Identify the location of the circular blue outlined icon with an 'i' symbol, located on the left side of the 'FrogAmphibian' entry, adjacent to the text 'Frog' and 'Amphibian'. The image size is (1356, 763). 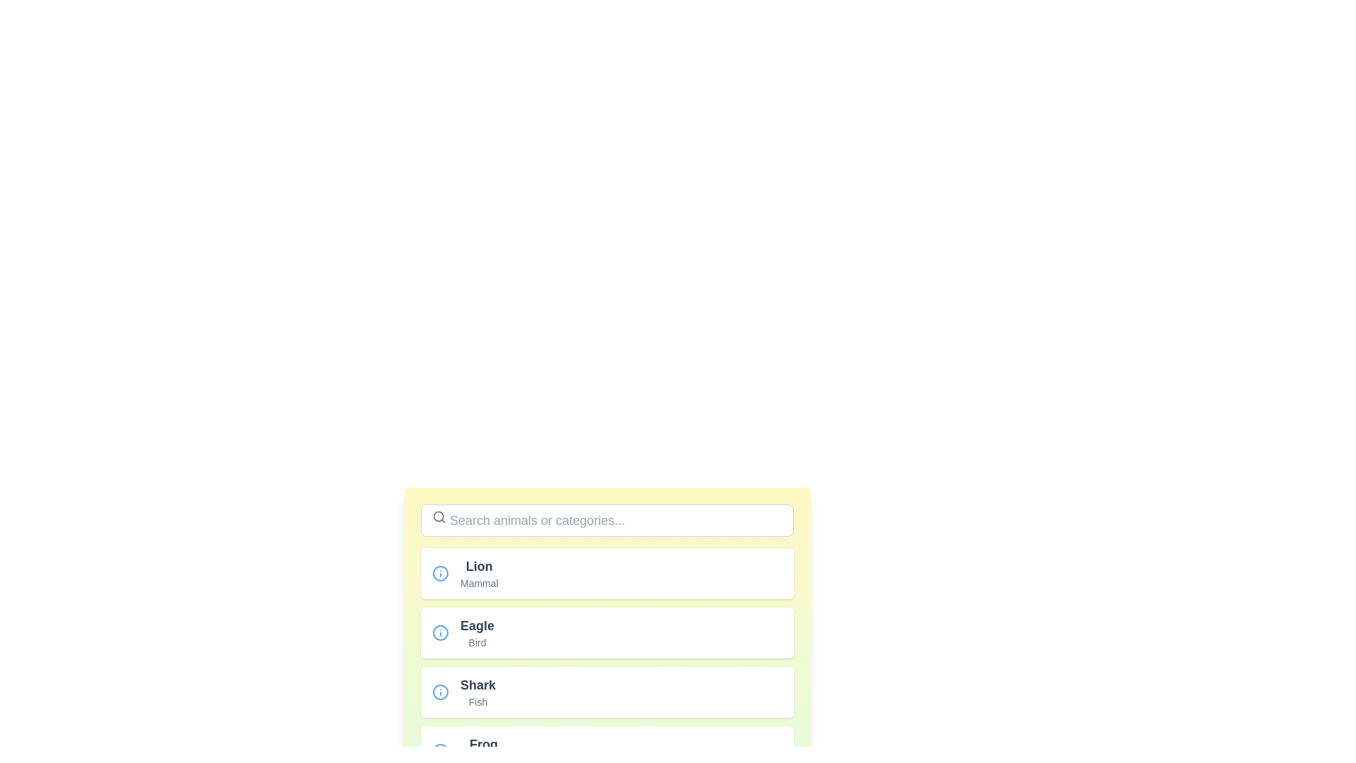
(440, 751).